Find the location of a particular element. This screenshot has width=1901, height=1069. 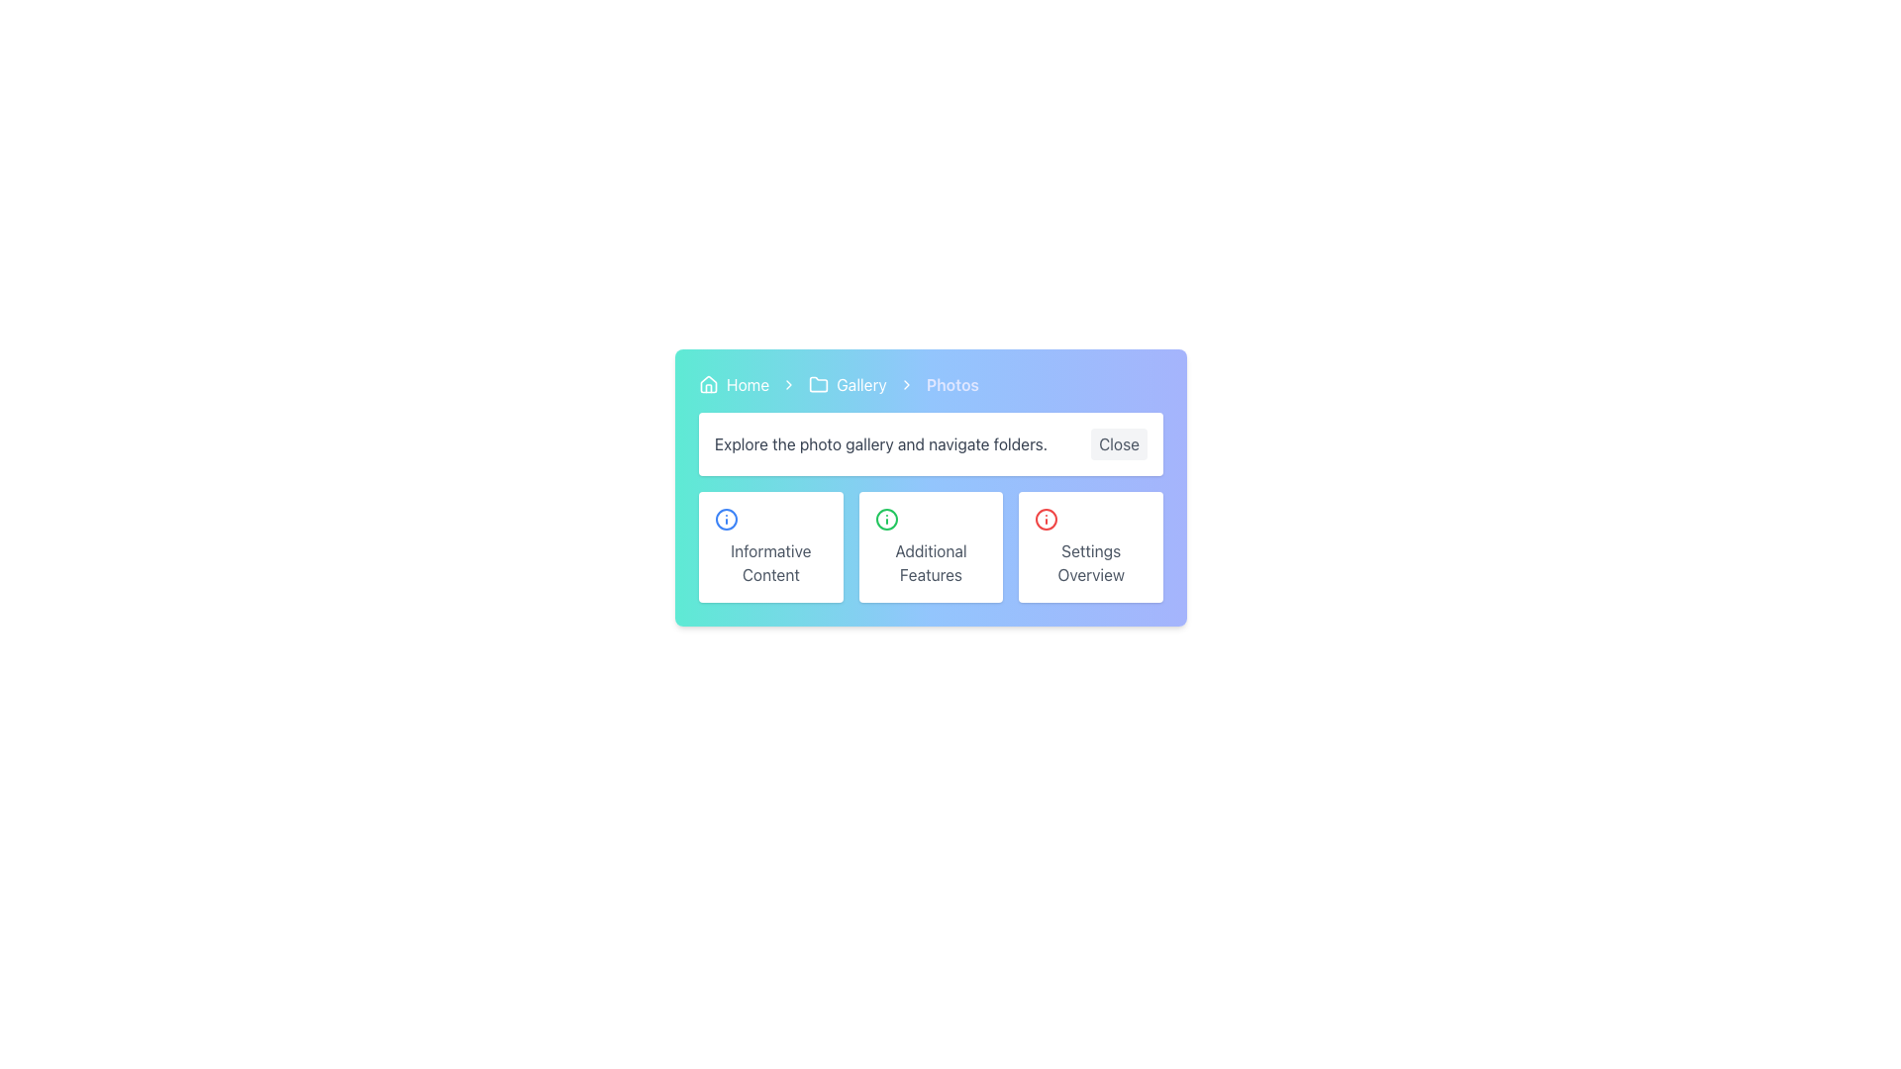

the circular icon with a green outline and an information symbol located in the center of the 'Additional Features' card to interact is located at coordinates (885, 518).